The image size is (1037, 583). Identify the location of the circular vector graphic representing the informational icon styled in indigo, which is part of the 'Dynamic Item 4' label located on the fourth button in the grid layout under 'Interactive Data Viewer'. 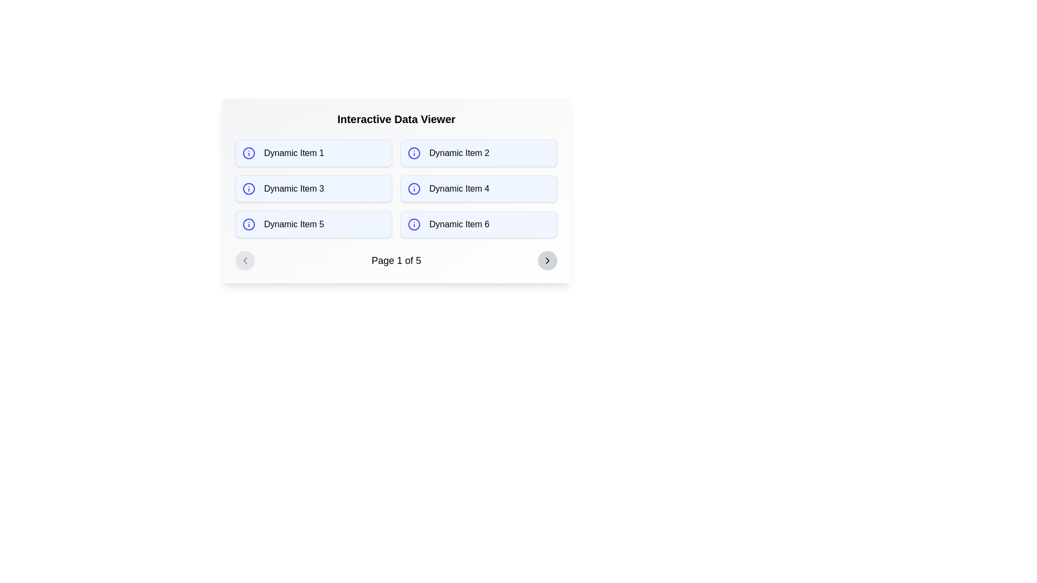
(414, 188).